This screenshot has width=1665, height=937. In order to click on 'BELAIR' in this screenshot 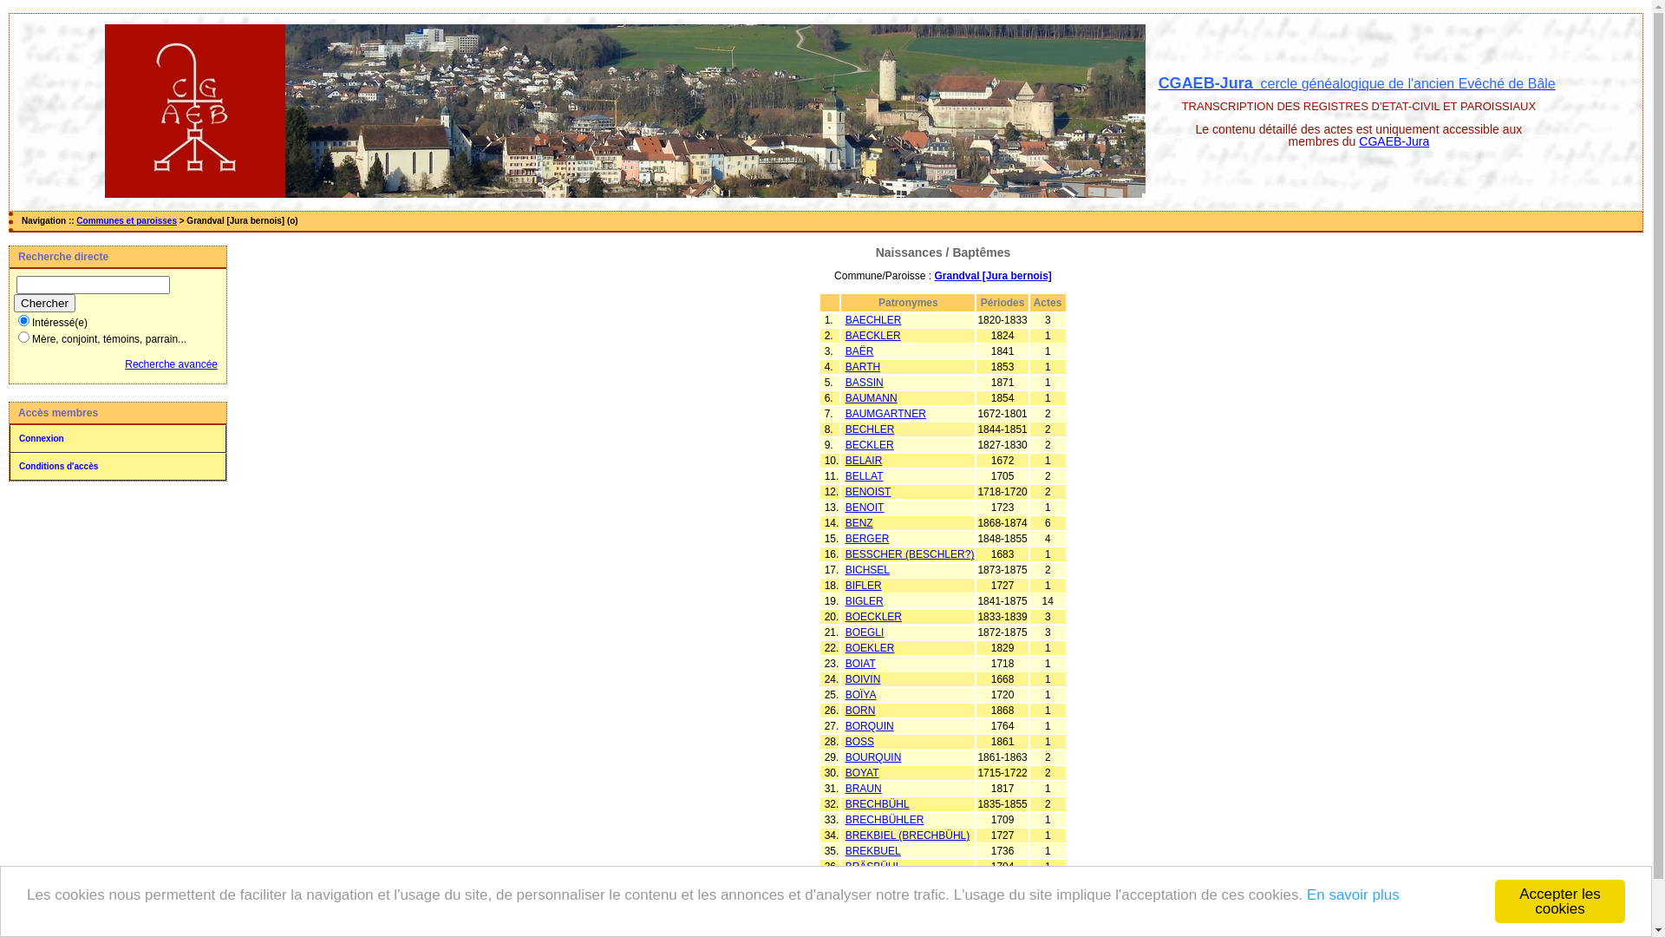, I will do `click(864, 460)`.